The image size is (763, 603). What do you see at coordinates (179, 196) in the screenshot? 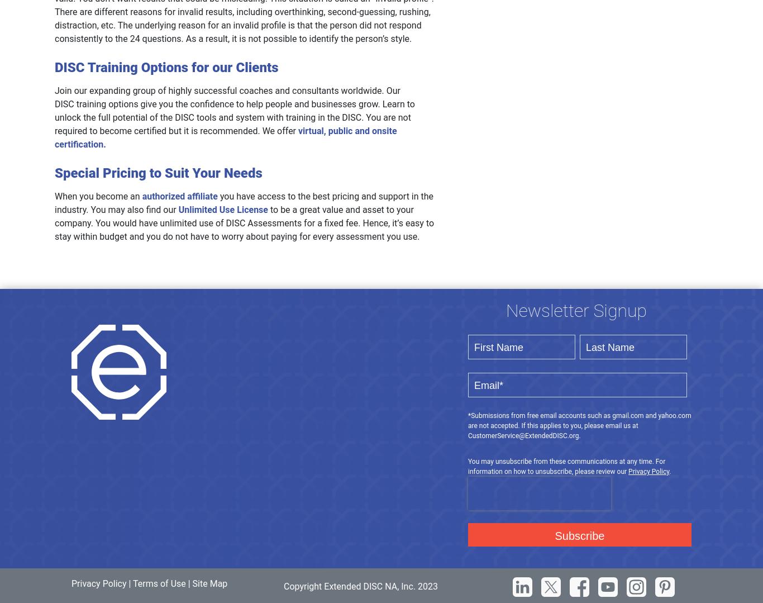
I see `'authorized affiliate'` at bounding box center [179, 196].